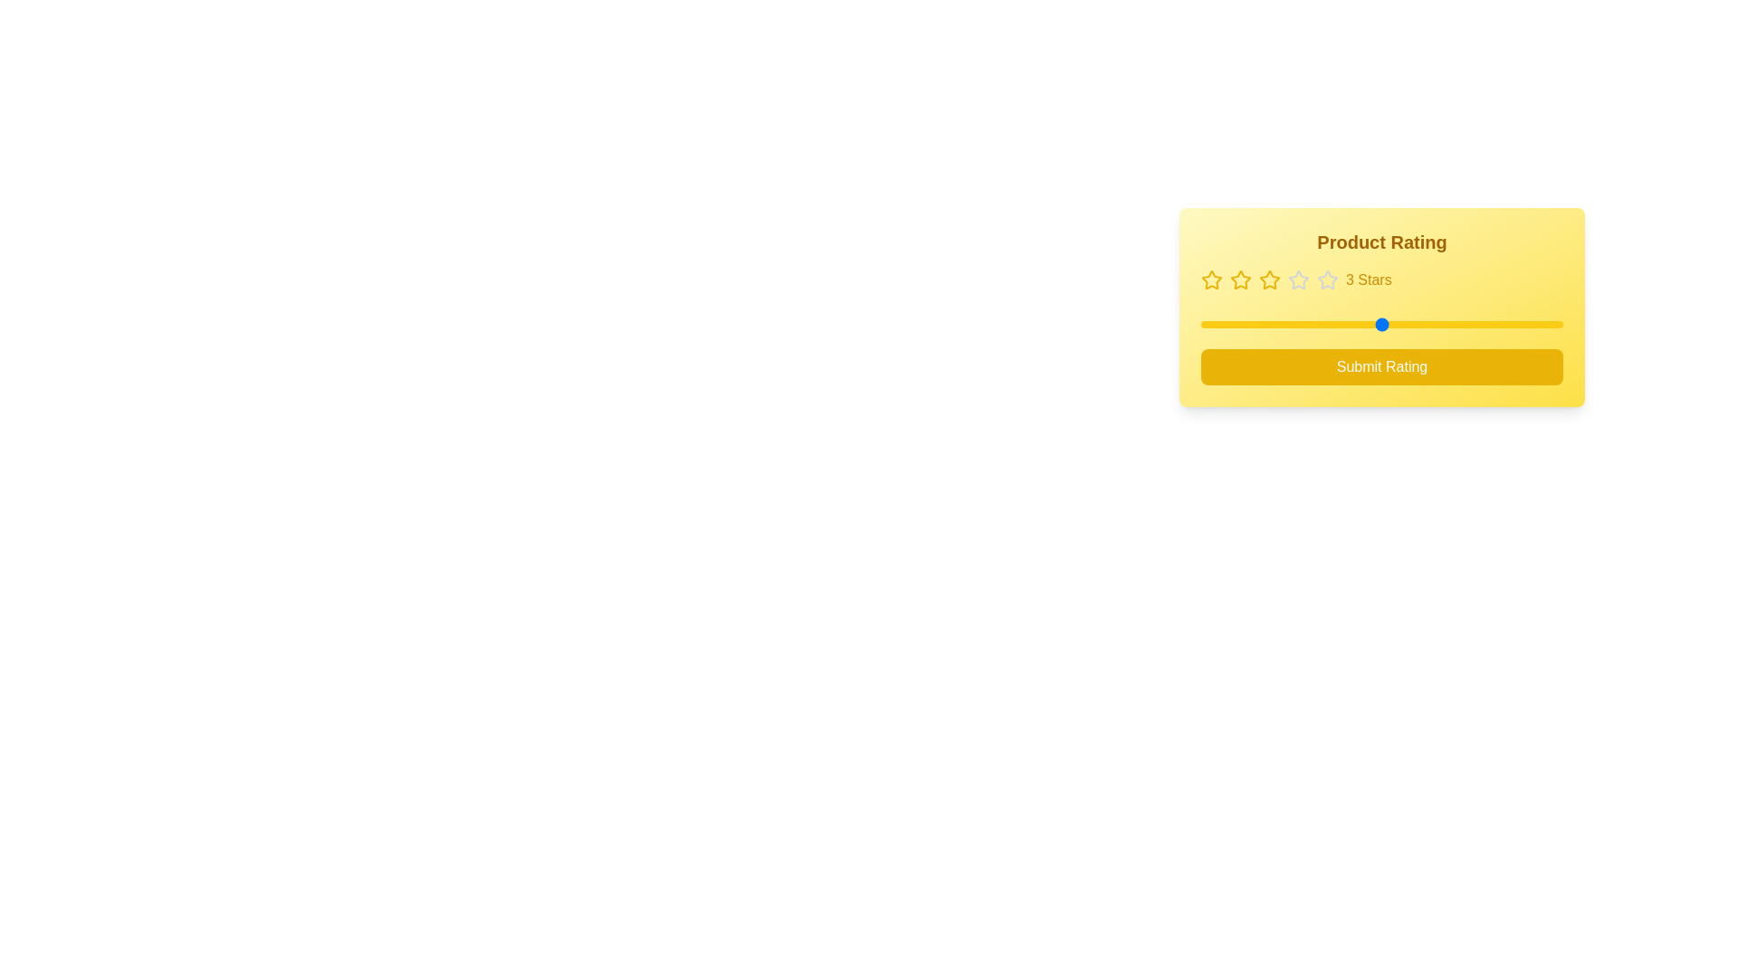 The image size is (1738, 977). What do you see at coordinates (1328, 280) in the screenshot?
I see `the third star icon in the product rating interface` at bounding box center [1328, 280].